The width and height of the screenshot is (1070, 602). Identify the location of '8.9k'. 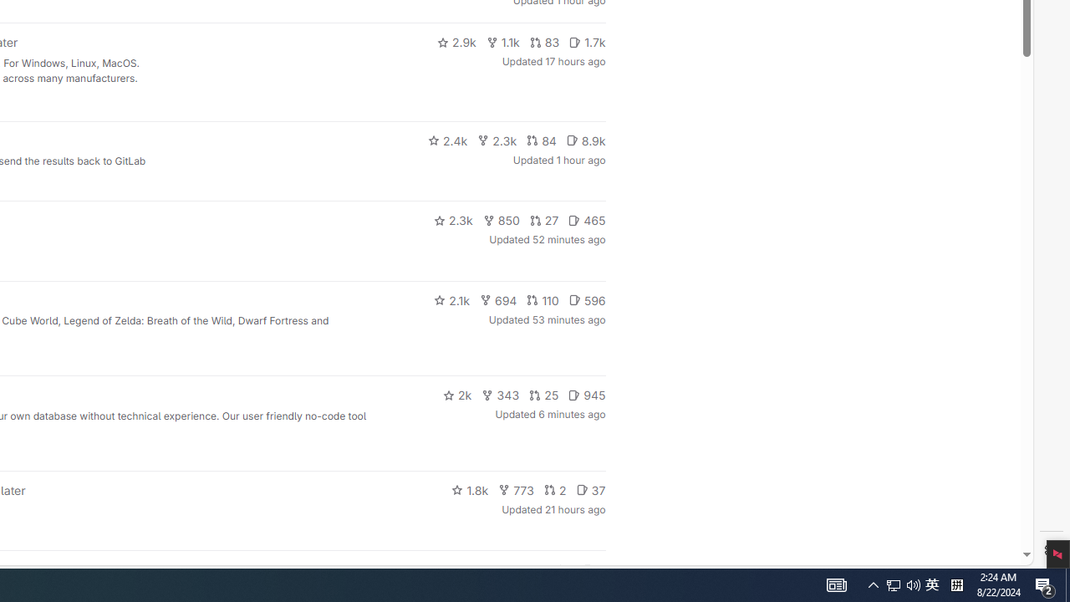
(585, 140).